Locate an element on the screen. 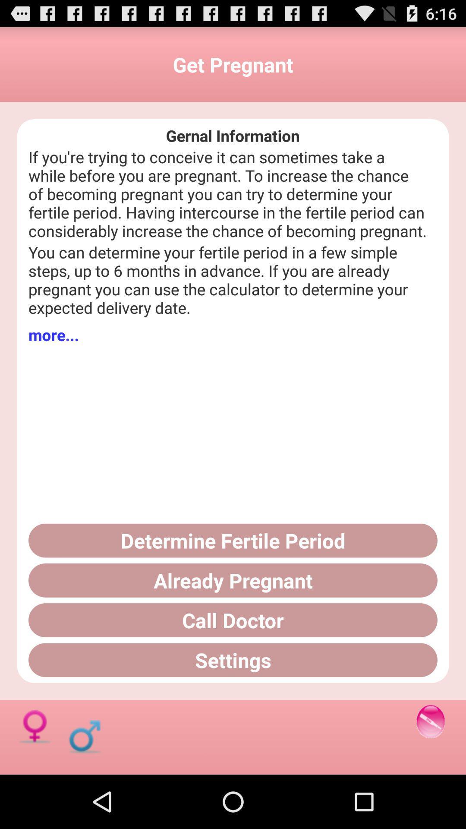 This screenshot has width=466, height=829. the item above determine fertile period is located at coordinates (54, 334).